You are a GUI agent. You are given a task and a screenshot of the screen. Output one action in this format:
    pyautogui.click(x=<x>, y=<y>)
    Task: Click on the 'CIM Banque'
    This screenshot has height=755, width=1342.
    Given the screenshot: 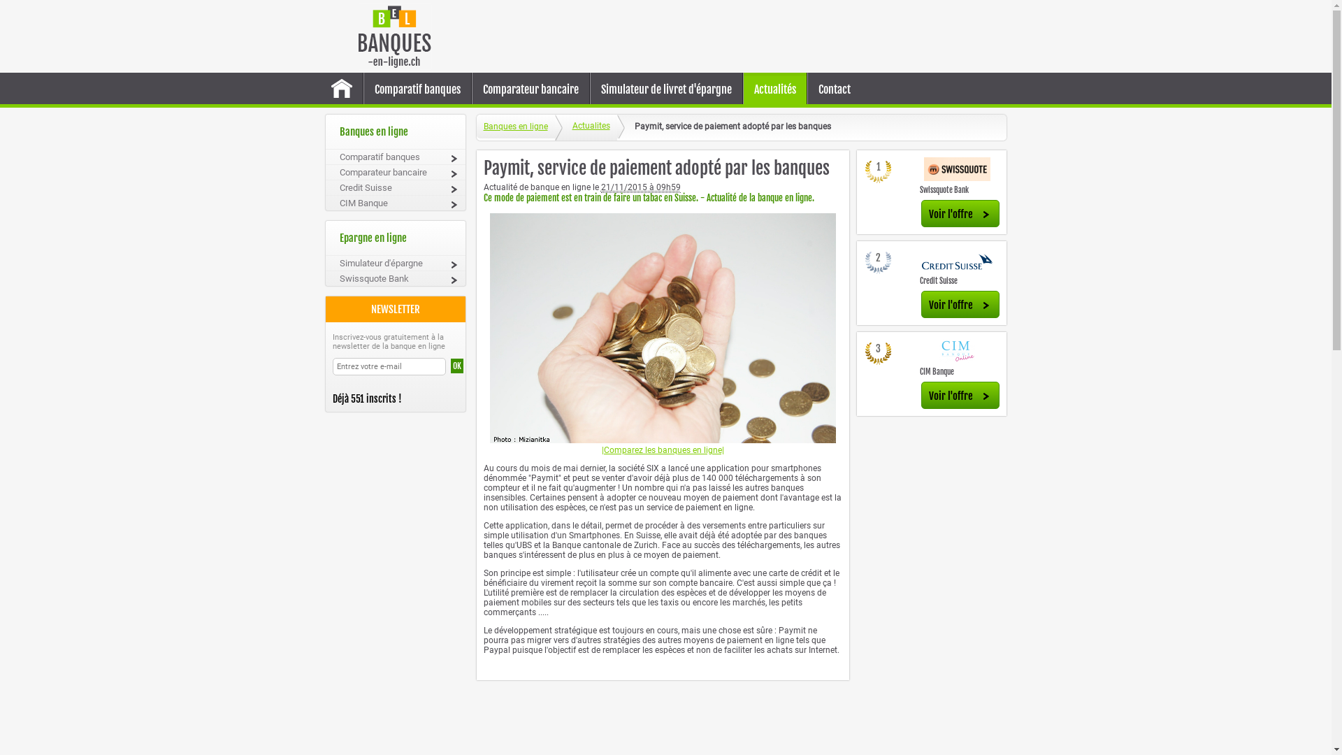 What is the action you would take?
    pyautogui.click(x=395, y=203)
    